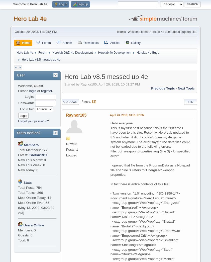 Image resolution: width=211 pixels, height=262 pixels. Describe the element at coordinates (121, 31) in the screenshot. I see `'News:'` at that location.